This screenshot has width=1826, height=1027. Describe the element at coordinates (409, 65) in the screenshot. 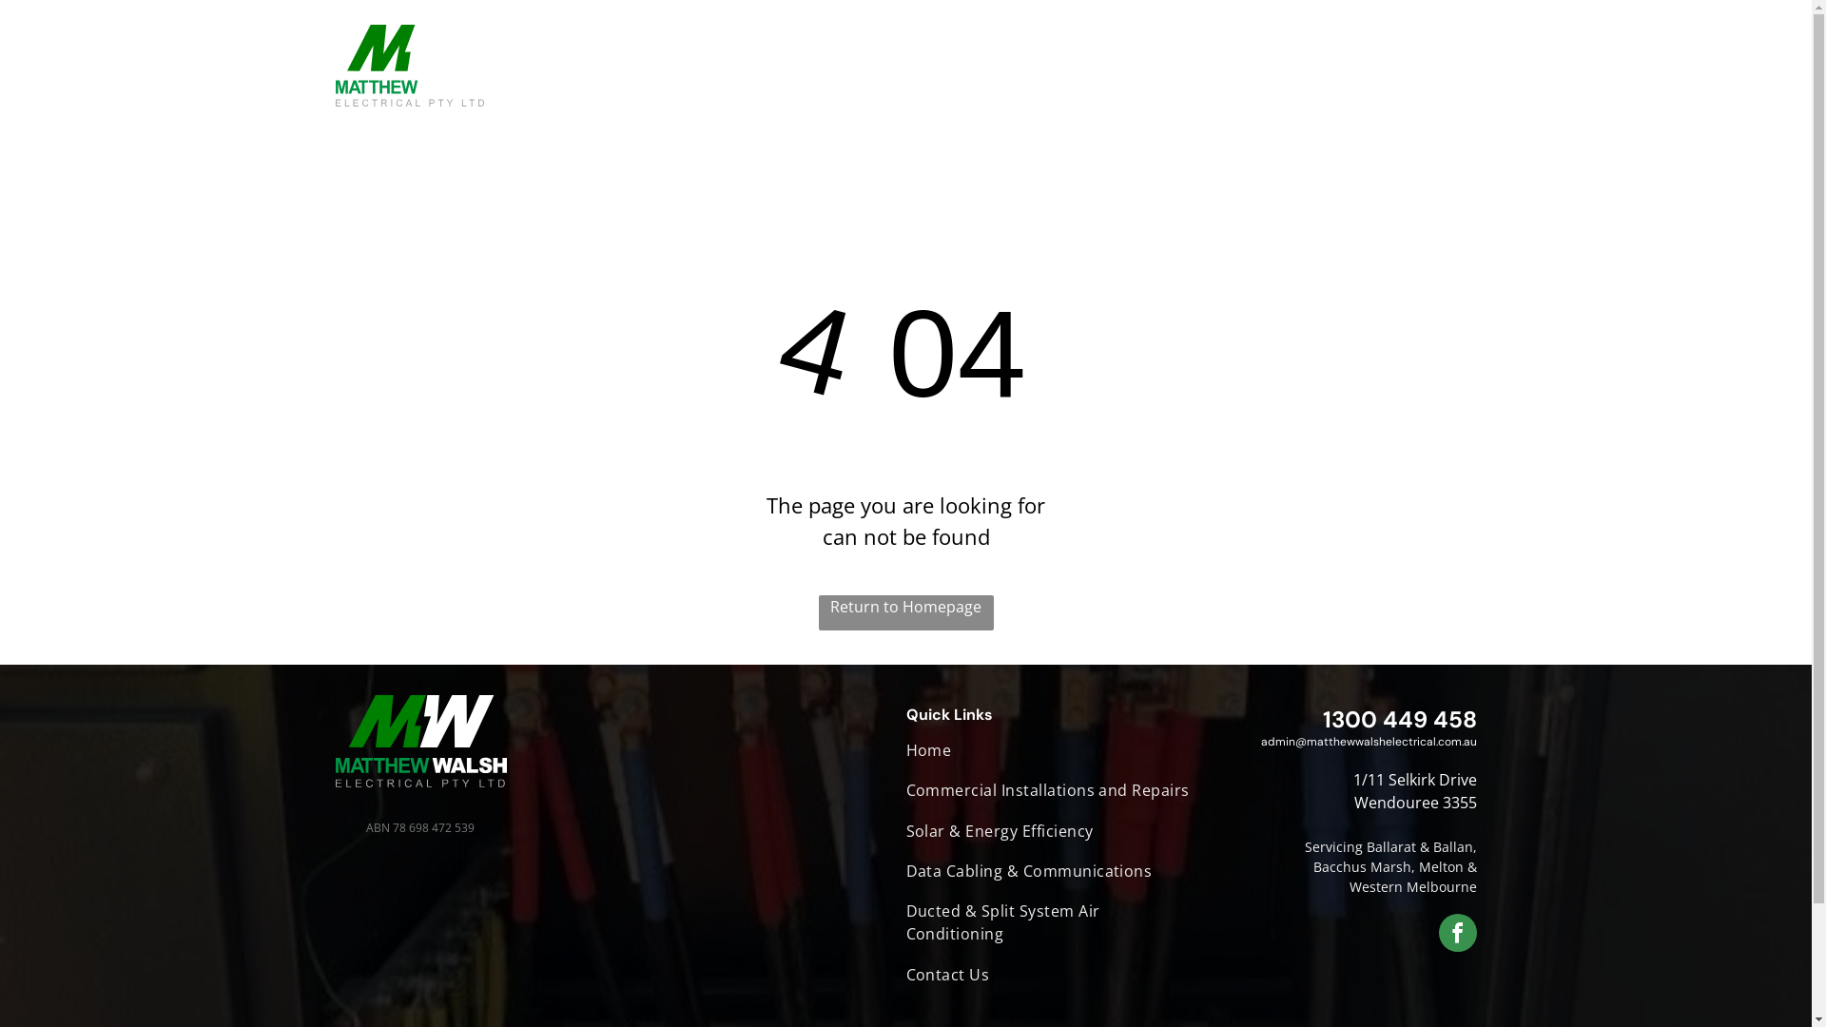

I see `'Back to home'` at that location.